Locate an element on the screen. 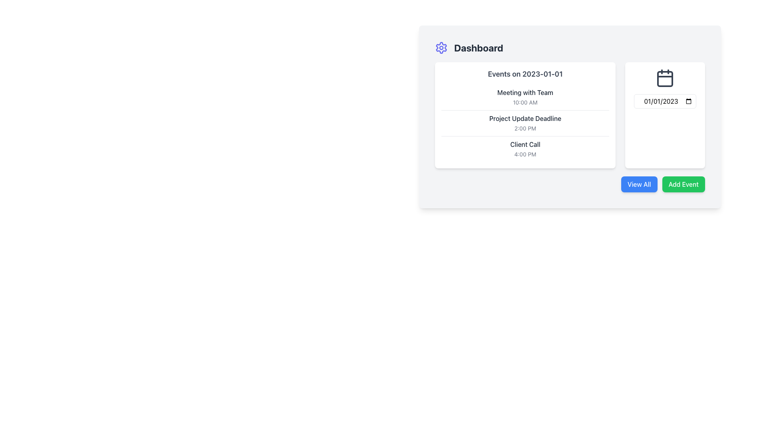  the text label displaying '4:00 PM', which is a smaller gray font indicating a timestamp located beneath 'Client Call' in the right-hand column of the central event list panel is located at coordinates (525, 154).